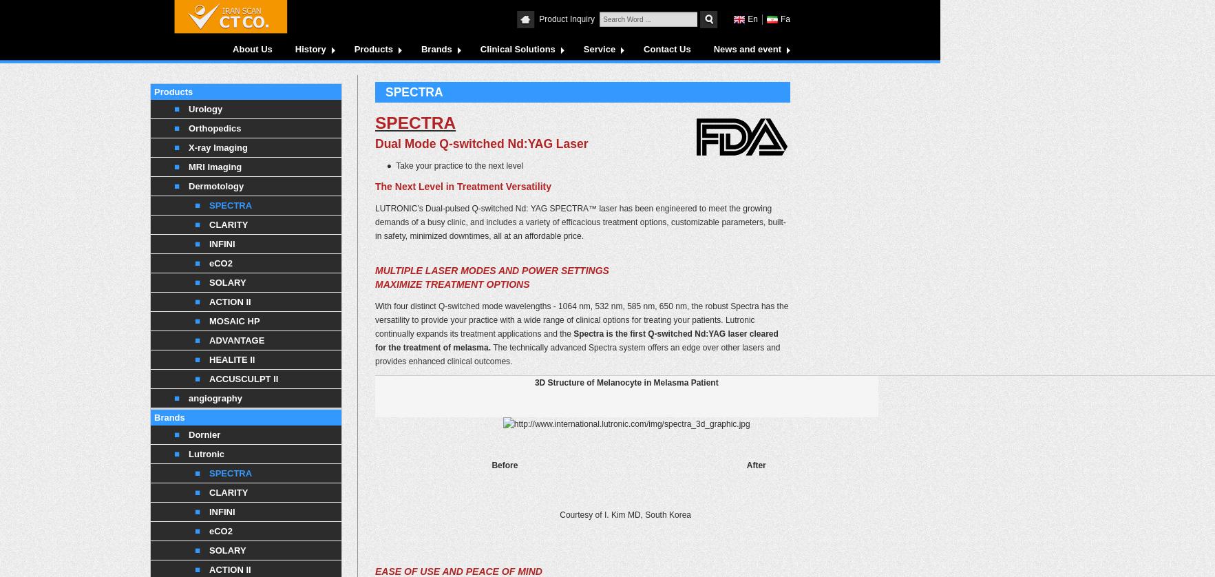  What do you see at coordinates (491, 270) in the screenshot?
I see `'MULTIPLE LASER MODES AND POWER SETTINGS'` at bounding box center [491, 270].